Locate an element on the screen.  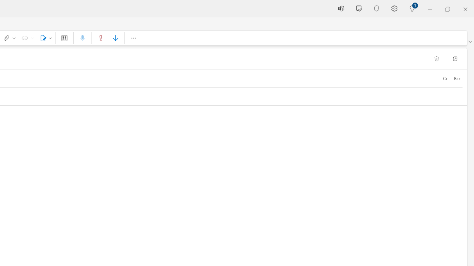
'Ribbon display options' is located at coordinates (470, 42).